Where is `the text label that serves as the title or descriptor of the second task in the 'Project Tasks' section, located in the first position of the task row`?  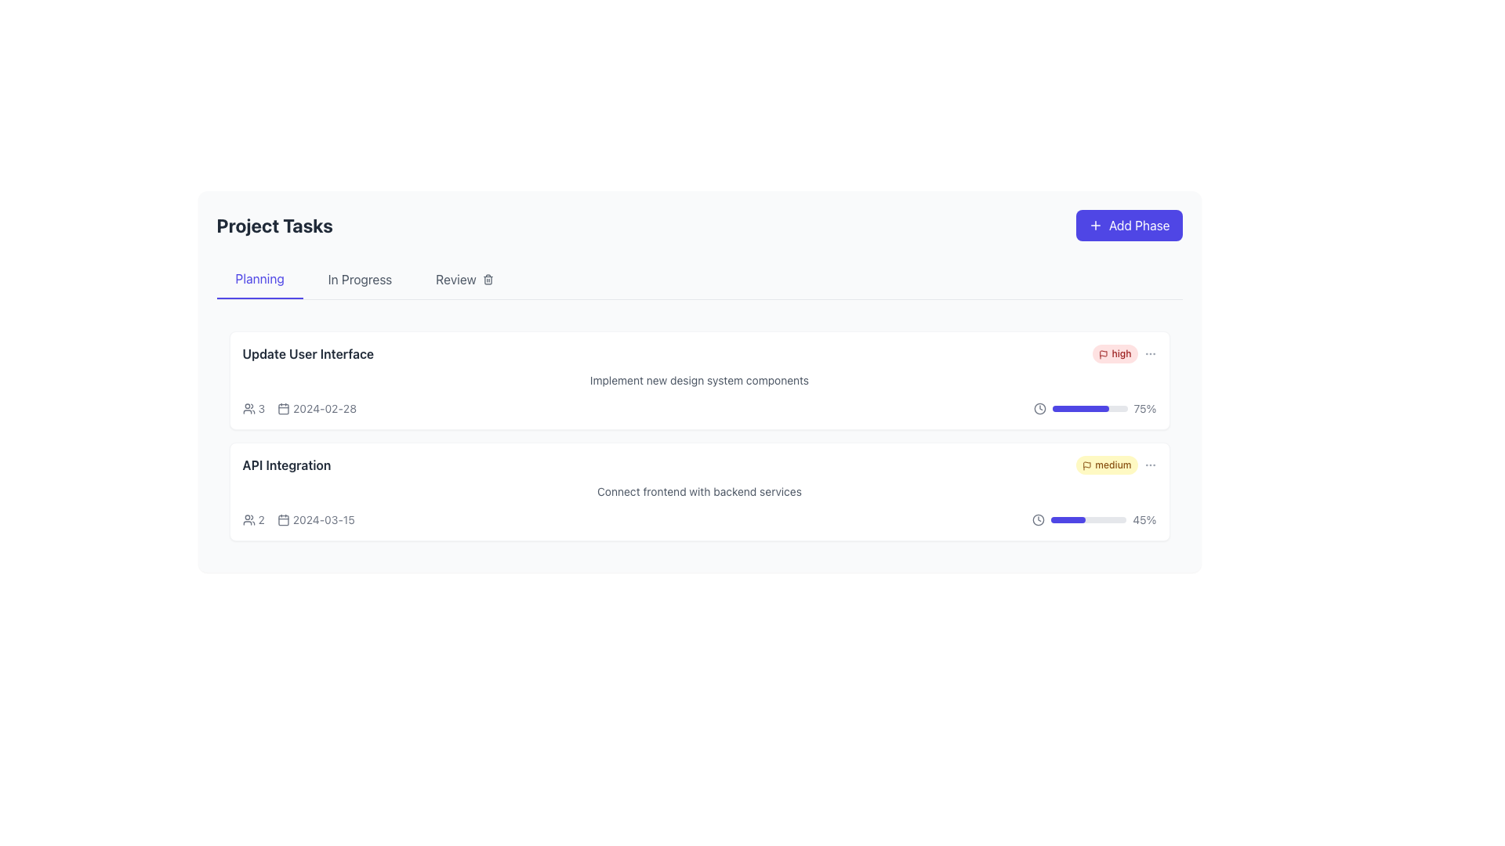 the text label that serves as the title or descriptor of the second task in the 'Project Tasks' section, located in the first position of the task row is located at coordinates (286, 465).